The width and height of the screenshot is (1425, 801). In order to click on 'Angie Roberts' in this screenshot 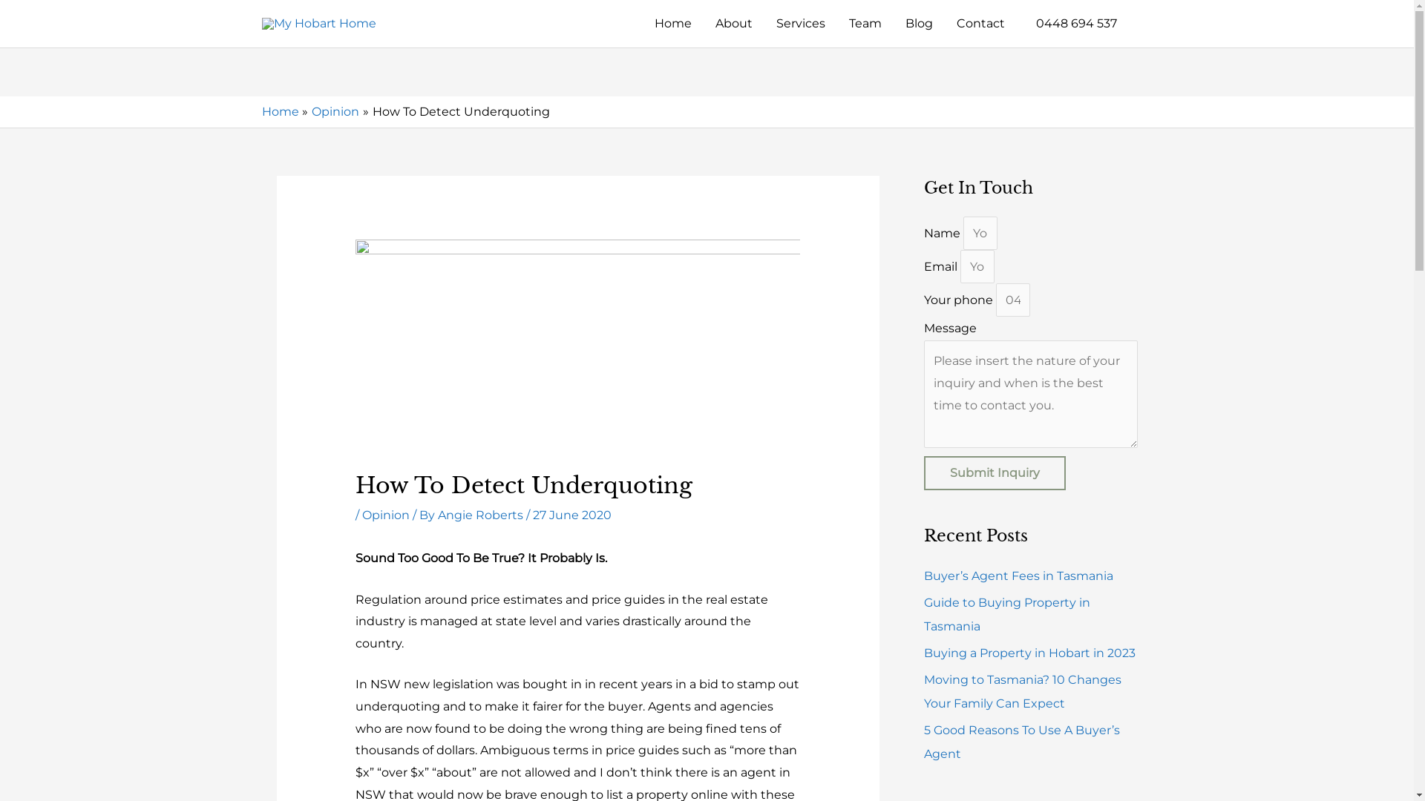, I will do `click(482, 514)`.